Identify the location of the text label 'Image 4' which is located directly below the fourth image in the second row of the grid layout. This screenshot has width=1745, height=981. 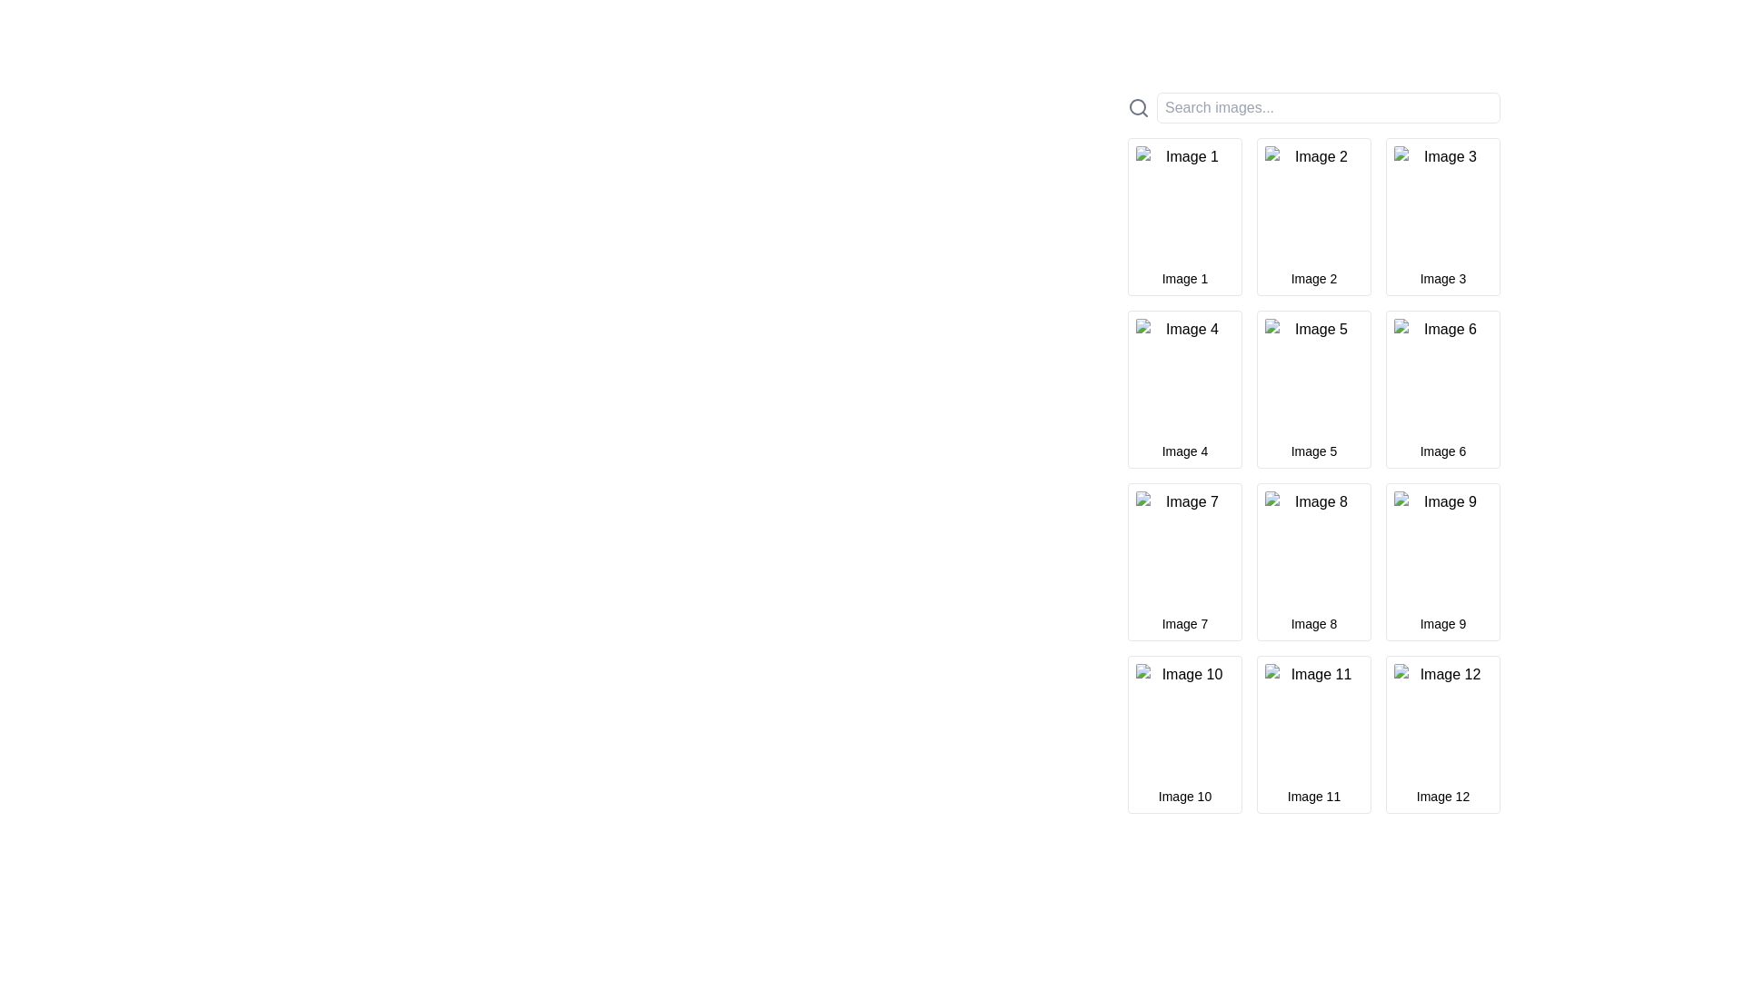
(1185, 451).